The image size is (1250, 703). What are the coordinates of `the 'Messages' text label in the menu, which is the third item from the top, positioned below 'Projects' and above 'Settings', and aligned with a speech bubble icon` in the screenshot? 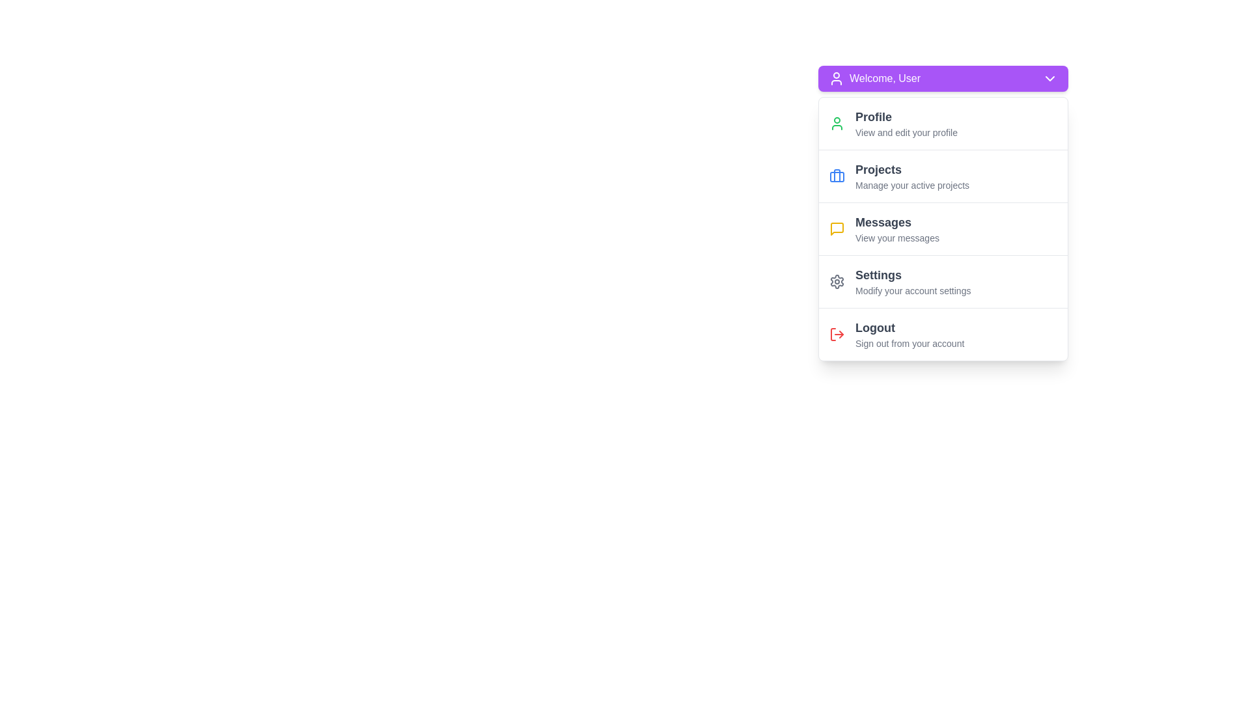 It's located at (896, 222).